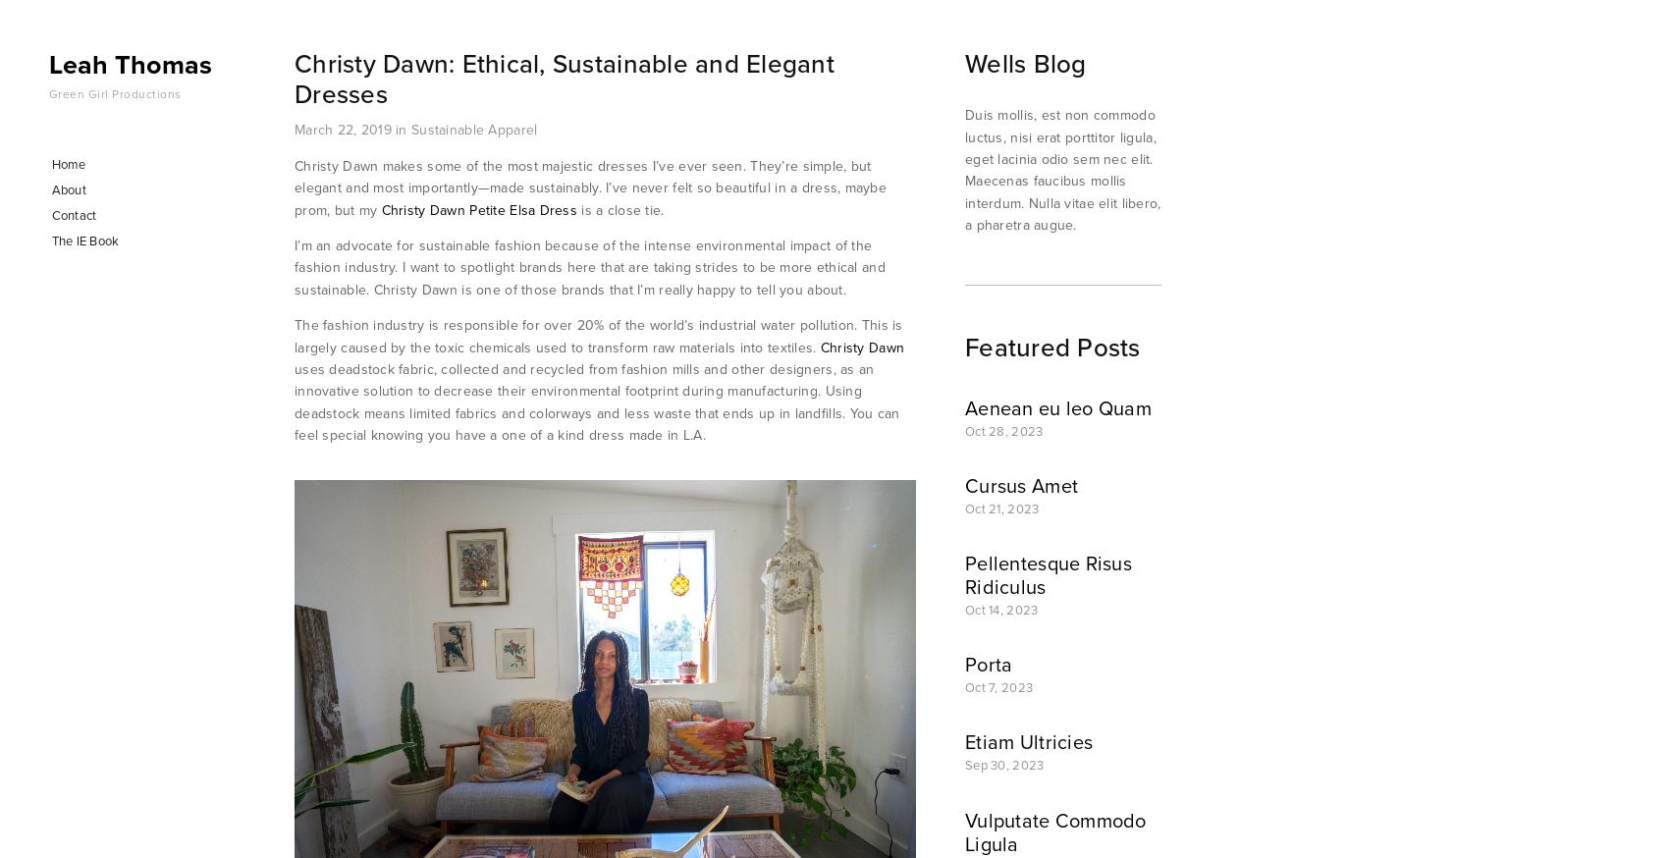 The height and width of the screenshot is (858, 1670). What do you see at coordinates (965, 406) in the screenshot?
I see `'Aenean eu leo Quam'` at bounding box center [965, 406].